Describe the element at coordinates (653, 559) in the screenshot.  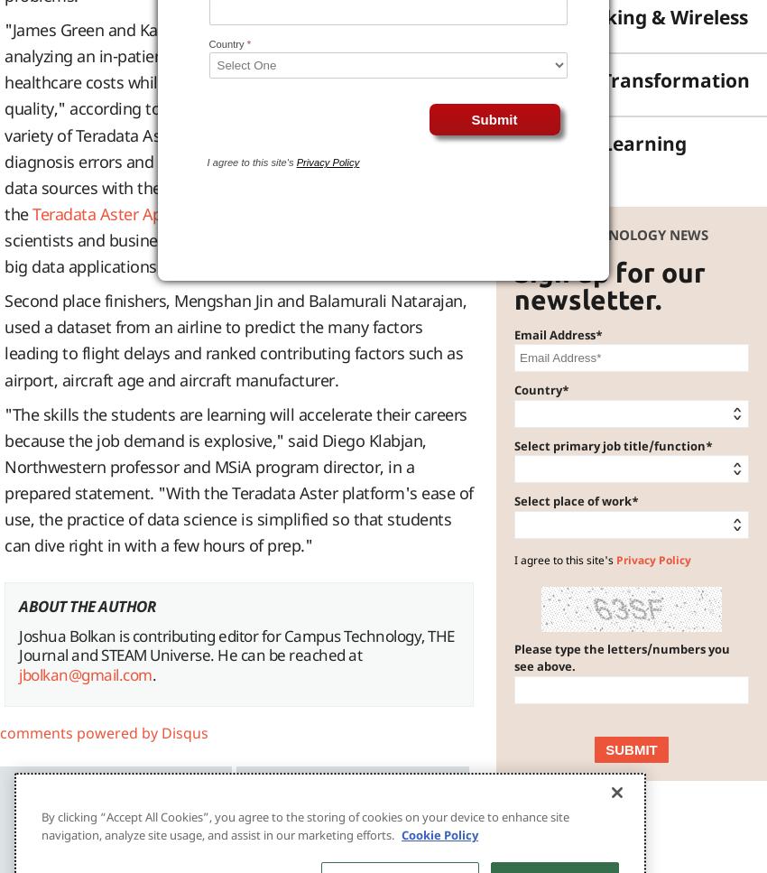
I see `'Privacy Policy'` at that location.